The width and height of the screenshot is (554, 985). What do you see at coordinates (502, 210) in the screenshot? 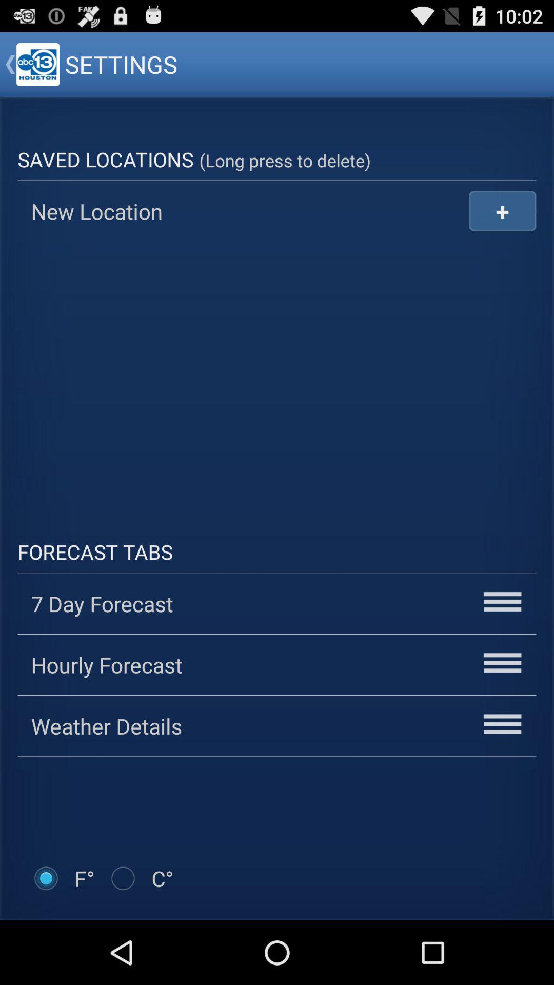
I see `+ icon` at bounding box center [502, 210].